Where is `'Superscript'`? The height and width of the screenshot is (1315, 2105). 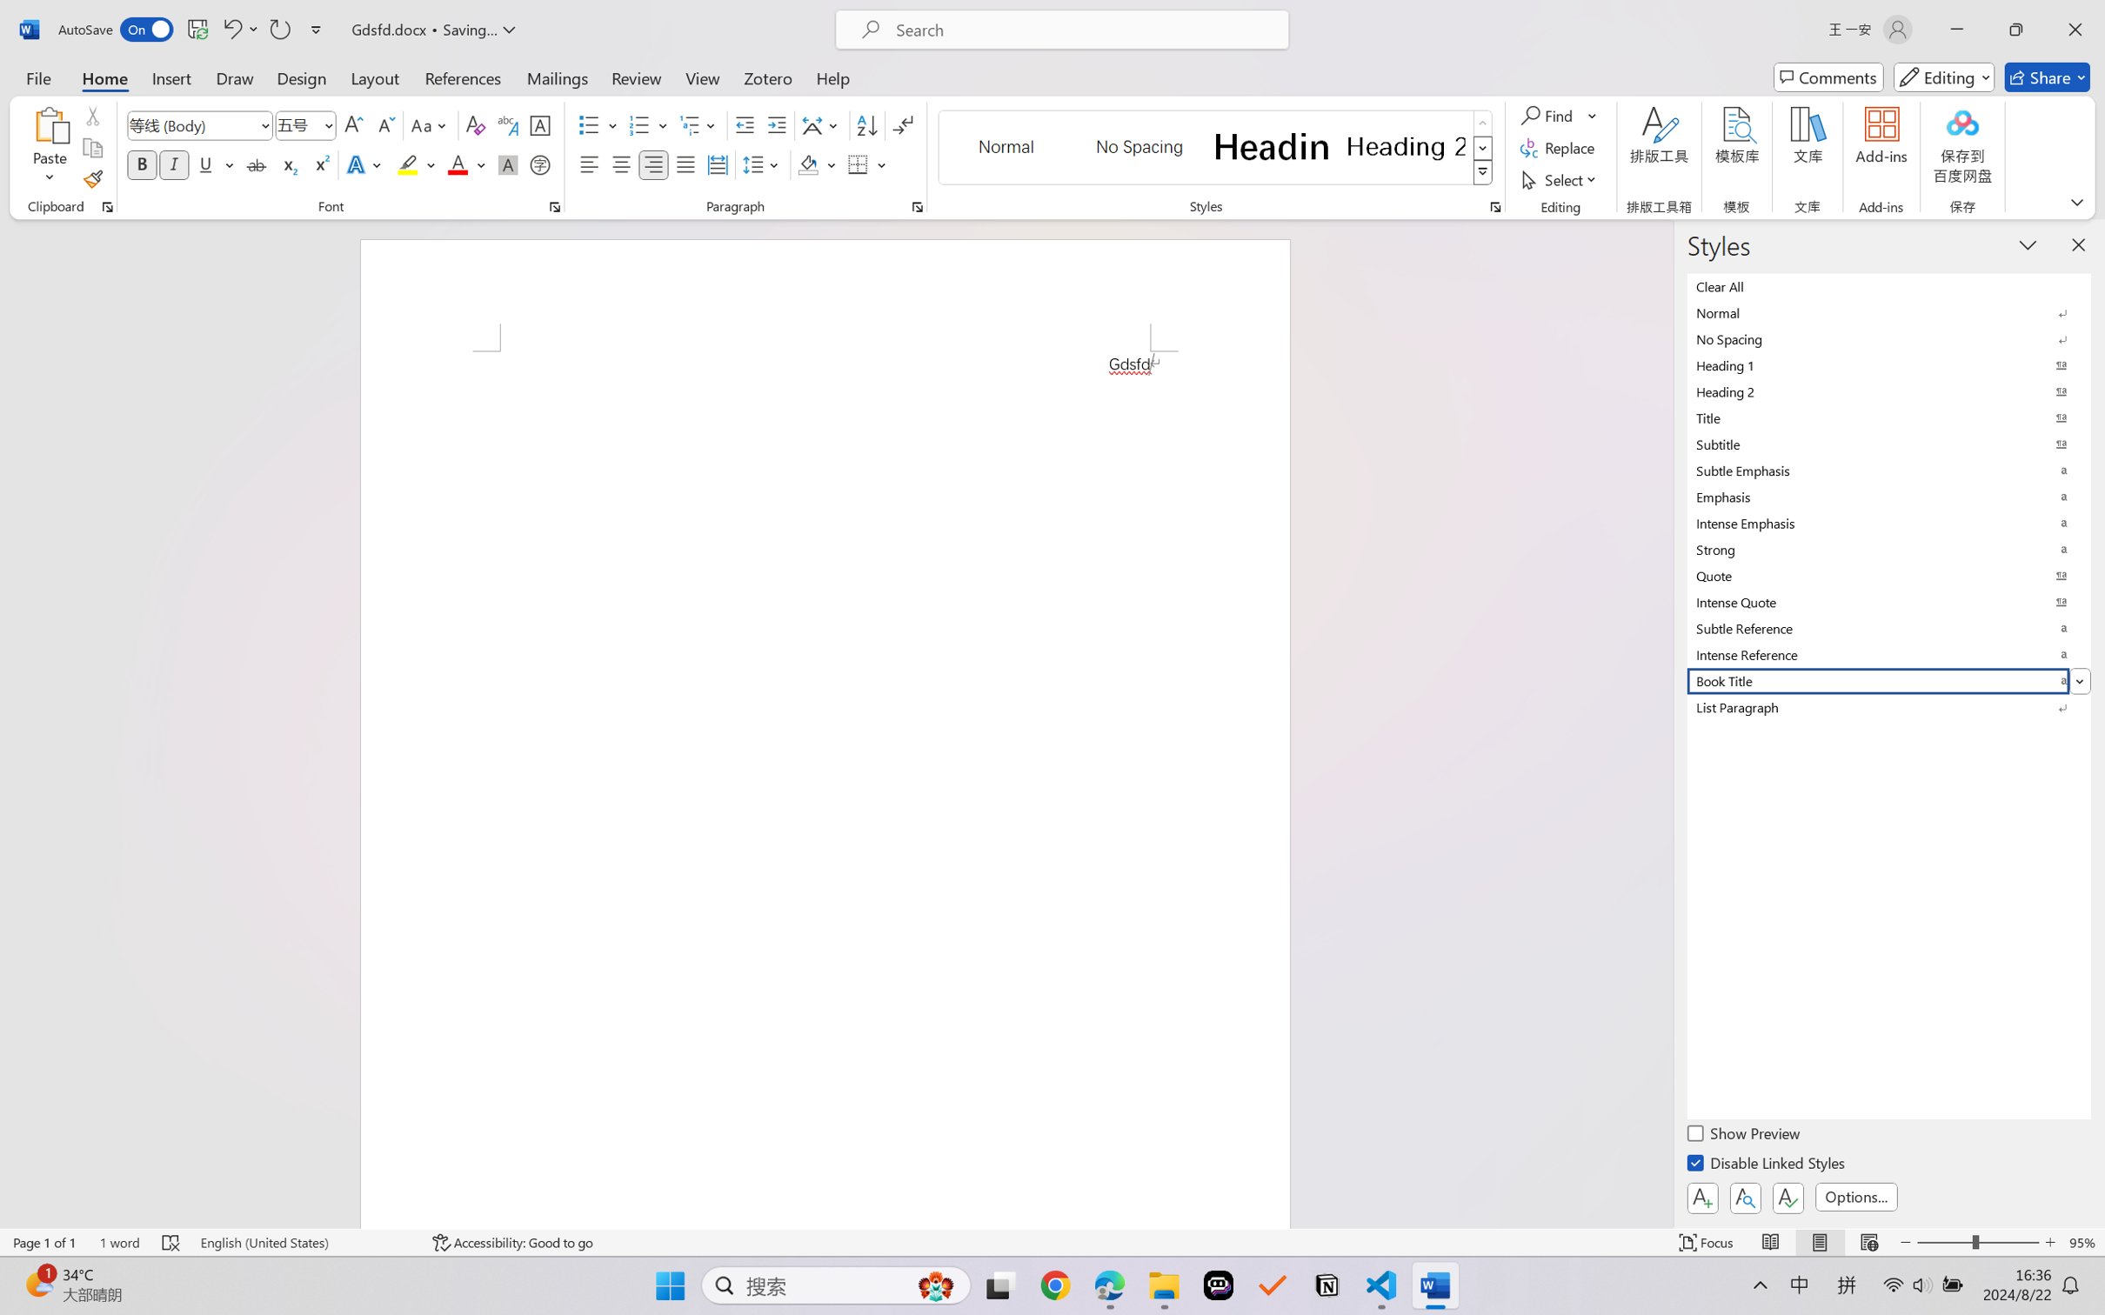
'Superscript' is located at coordinates (319, 164).